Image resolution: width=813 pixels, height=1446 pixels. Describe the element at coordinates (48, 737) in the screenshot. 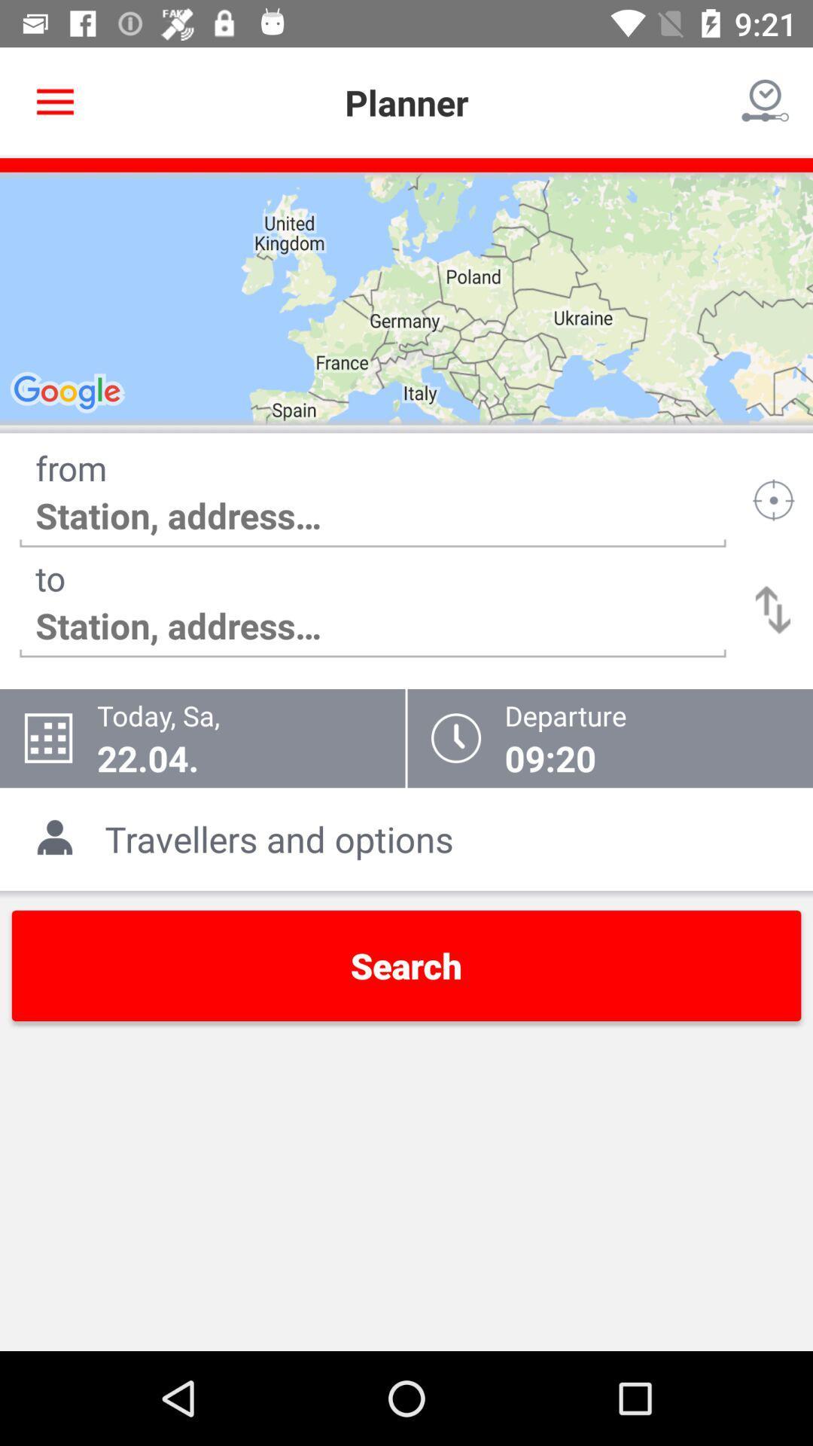

I see `the icon which is left to todaysa` at that location.